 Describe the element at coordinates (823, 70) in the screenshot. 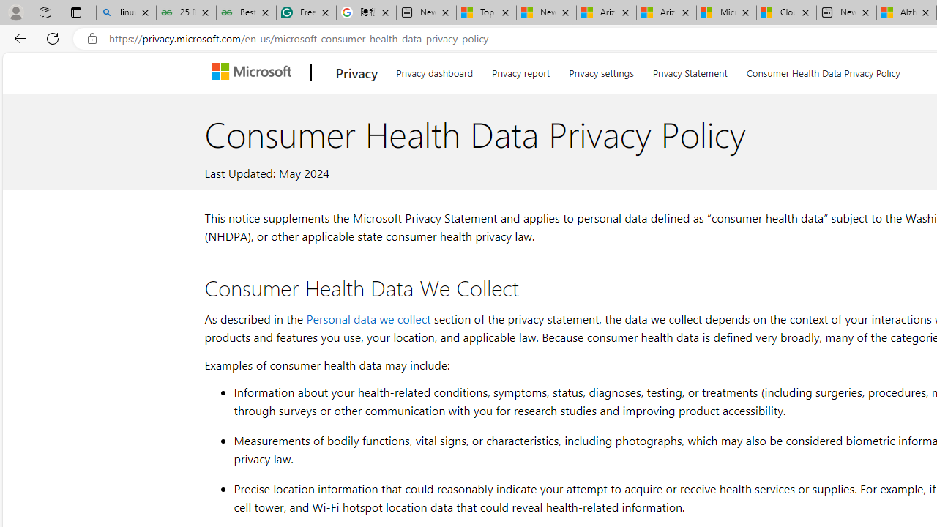

I see `'Consumer Health Data Privacy Policy'` at that location.